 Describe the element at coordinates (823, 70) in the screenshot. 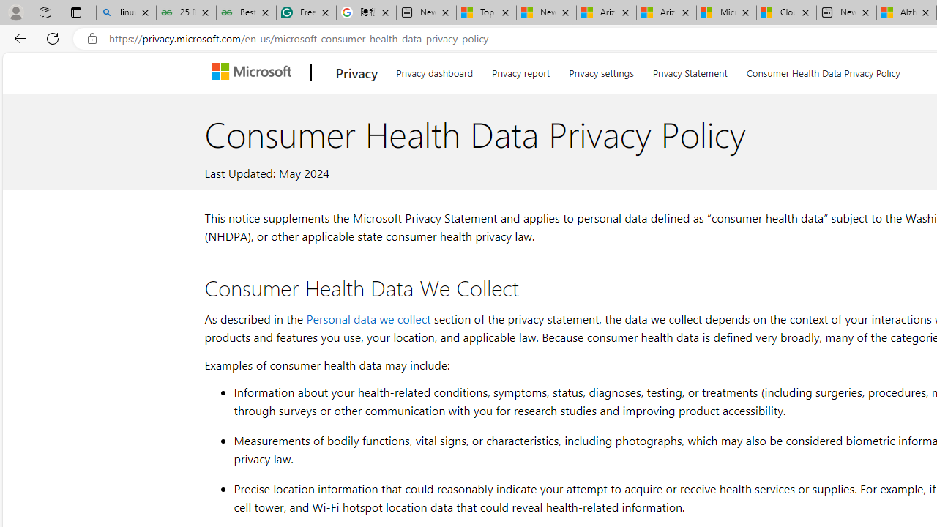

I see `'Consumer Health Data Privacy Policy'` at that location.